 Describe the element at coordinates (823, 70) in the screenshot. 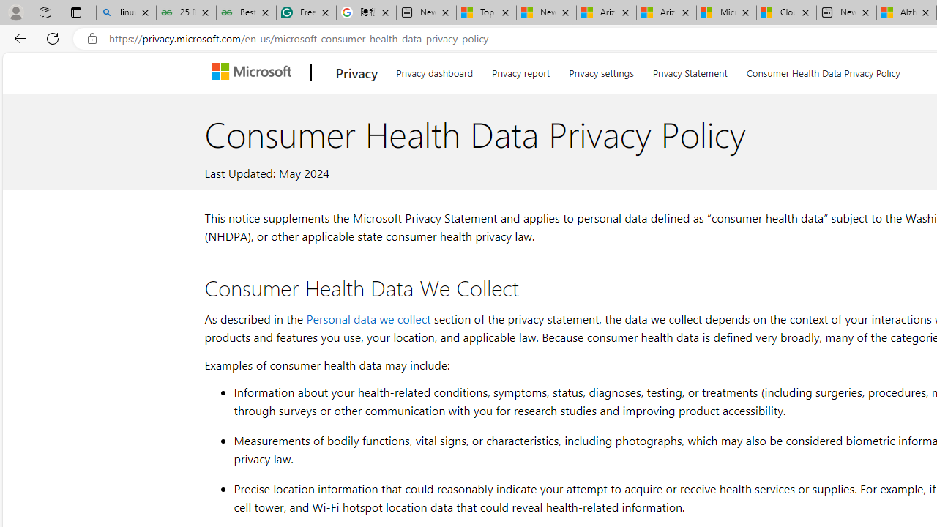

I see `'Consumer Health Data Privacy Policy'` at that location.